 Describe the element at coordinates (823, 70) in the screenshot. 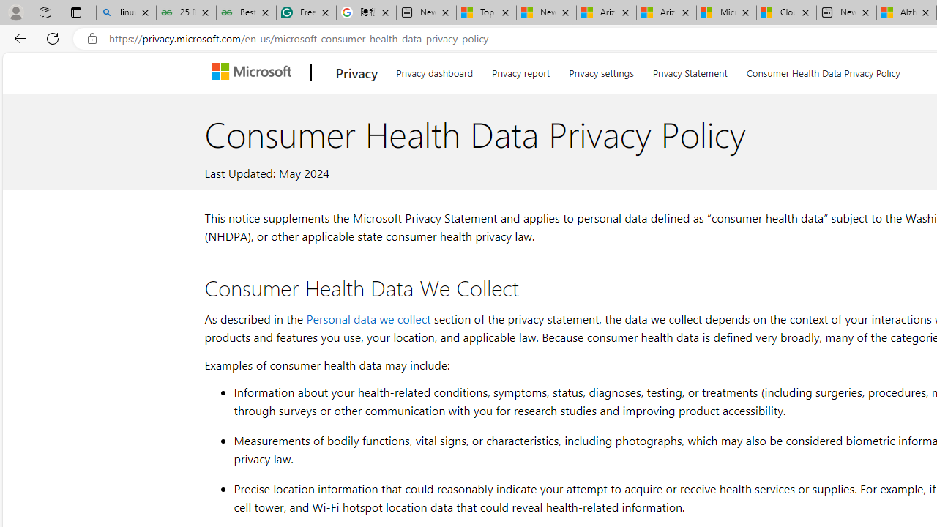

I see `'Consumer Health Data Privacy Policy'` at that location.